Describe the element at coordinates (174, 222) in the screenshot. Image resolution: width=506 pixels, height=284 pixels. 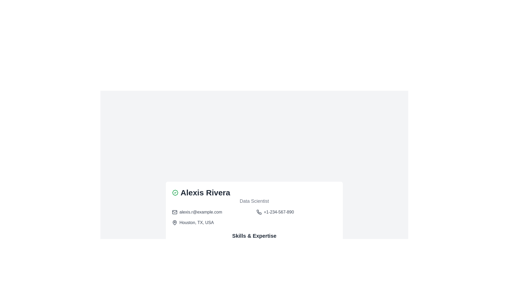
I see `the pin-shaped icon representing a location on the map, located in the bottom-left region of the card interface near the text 'Houston, TX, USA'` at that location.